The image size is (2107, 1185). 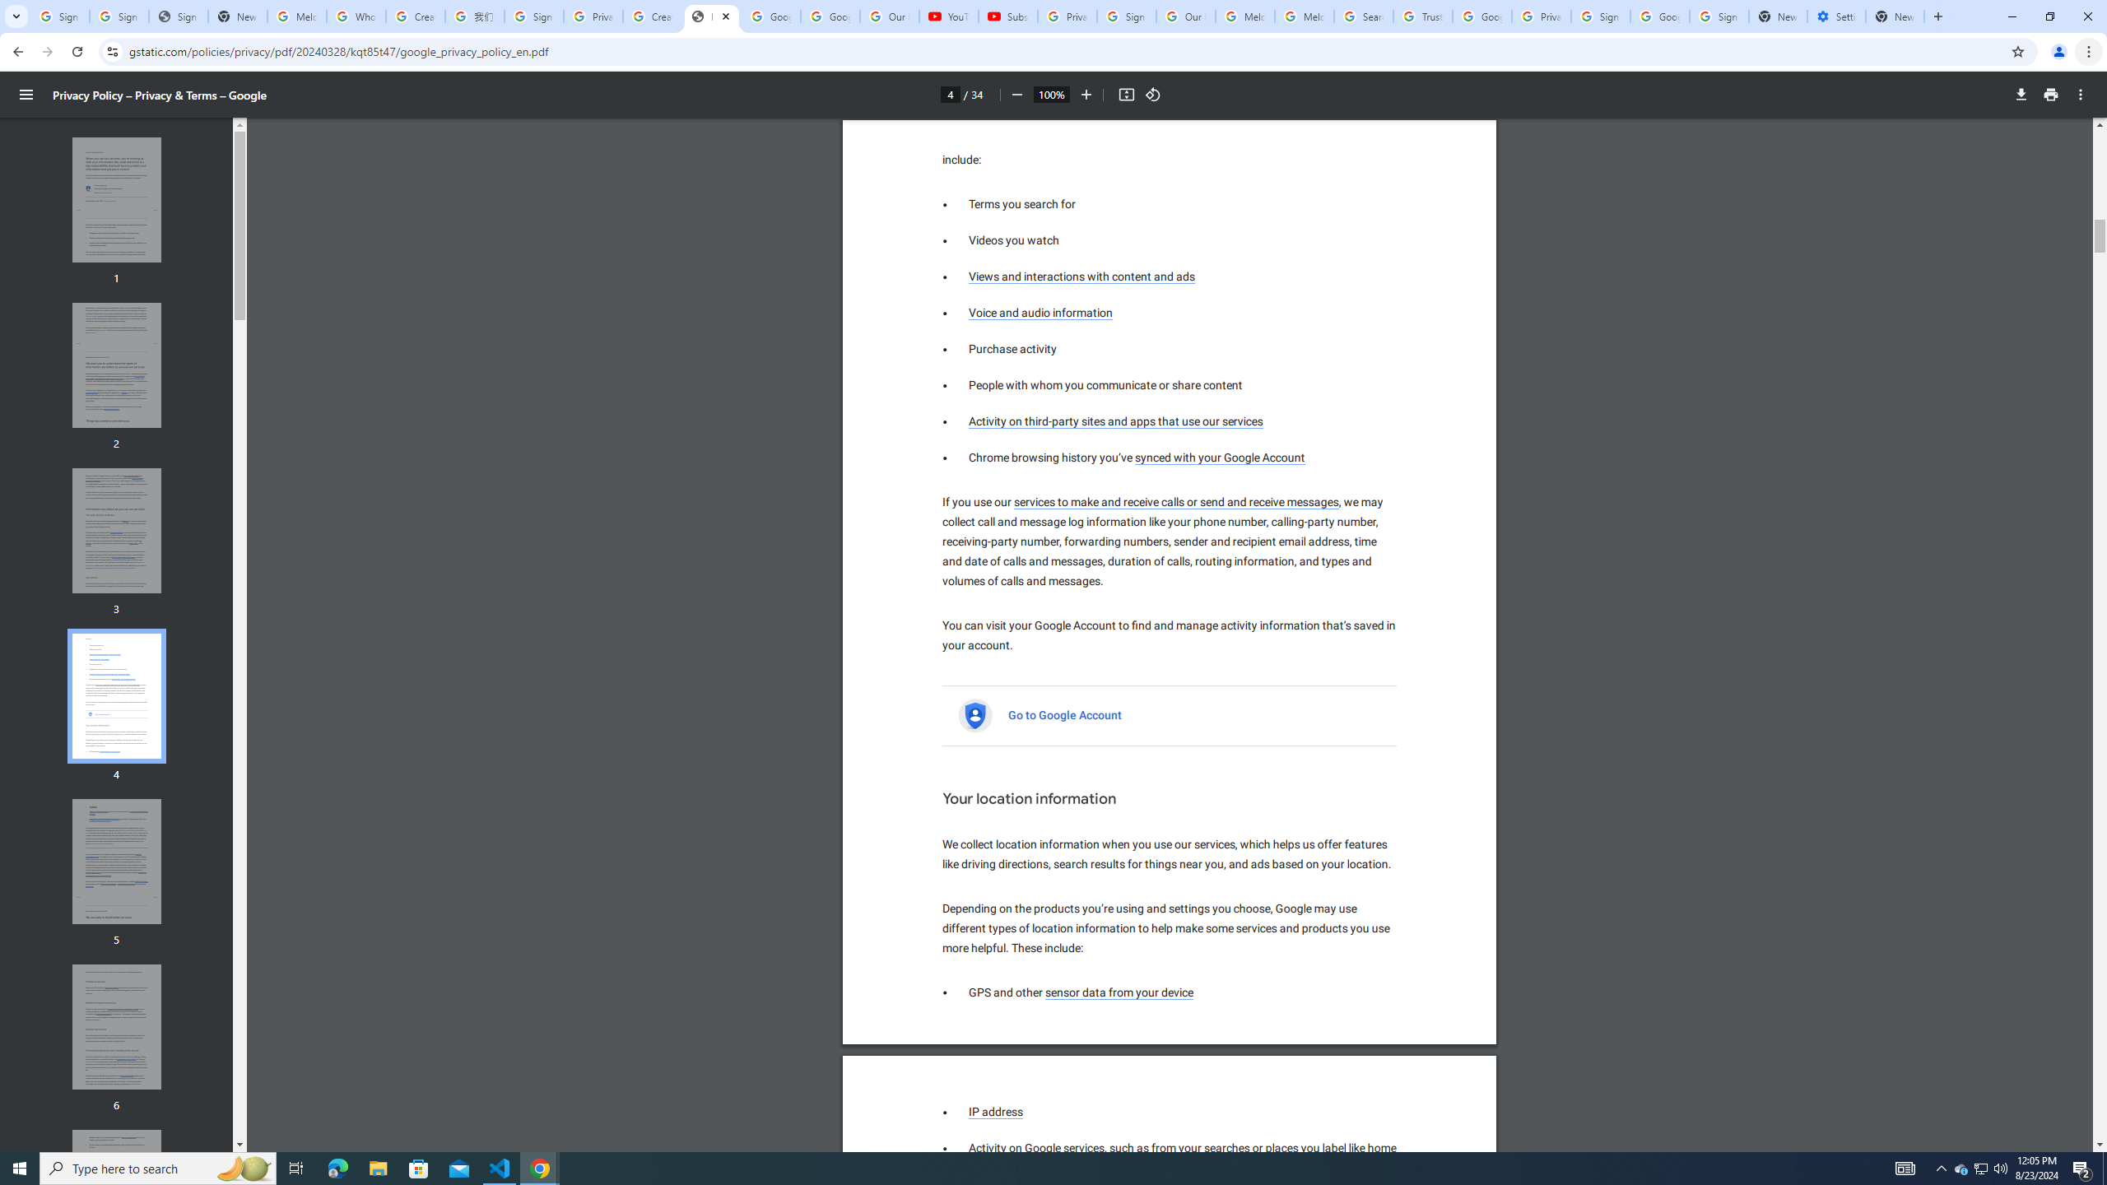 What do you see at coordinates (651, 16) in the screenshot?
I see `'Create your Google Account'` at bounding box center [651, 16].